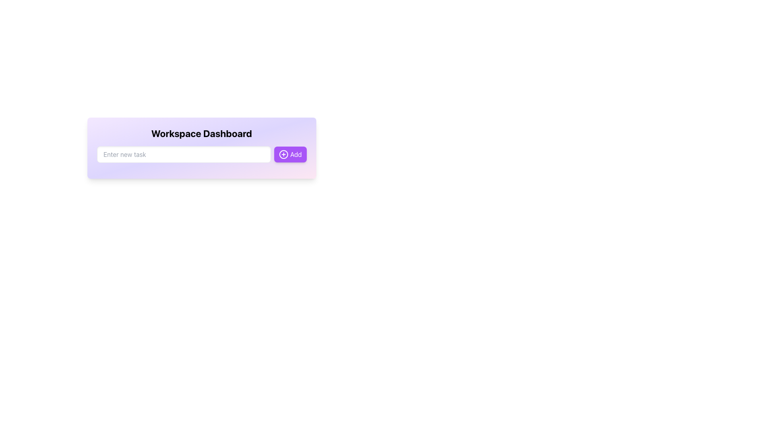 The image size is (763, 429). What do you see at coordinates (284, 155) in the screenshot?
I see `the circular icon with a plus symbol inside, which has a purple background and white plus, located to the left of the 'Add' text in the top-right corner of the task entry area` at bounding box center [284, 155].